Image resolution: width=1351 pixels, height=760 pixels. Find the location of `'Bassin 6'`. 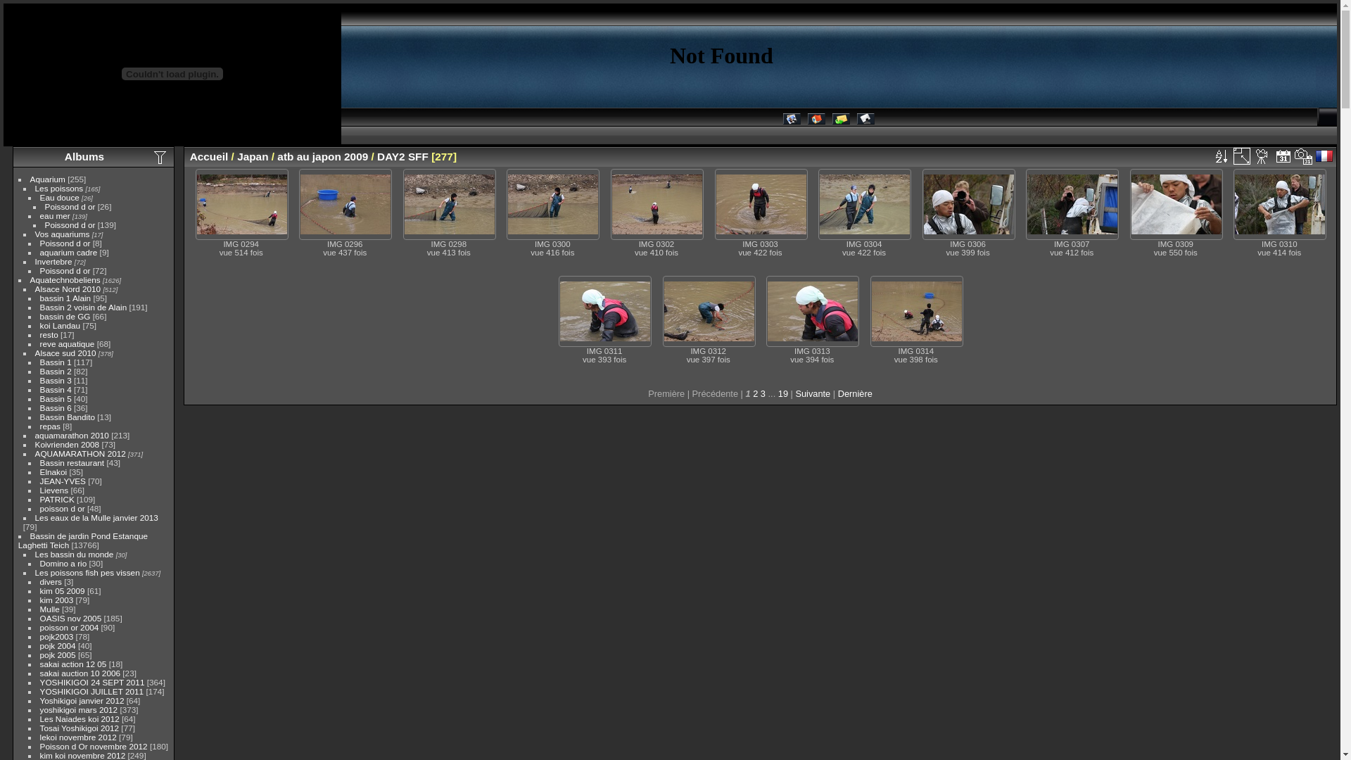

'Bassin 6' is located at coordinates (56, 407).